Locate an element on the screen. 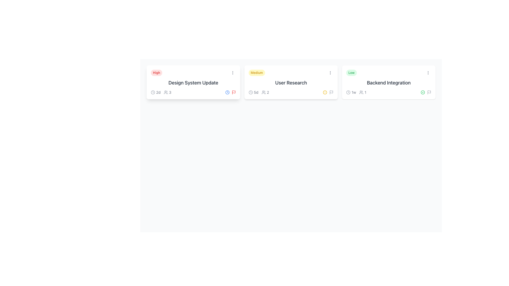 The image size is (509, 286). the static text label indicating time duration, positioned to the right of the clock icon within the second item of the 'User Research' card is located at coordinates (256, 92).